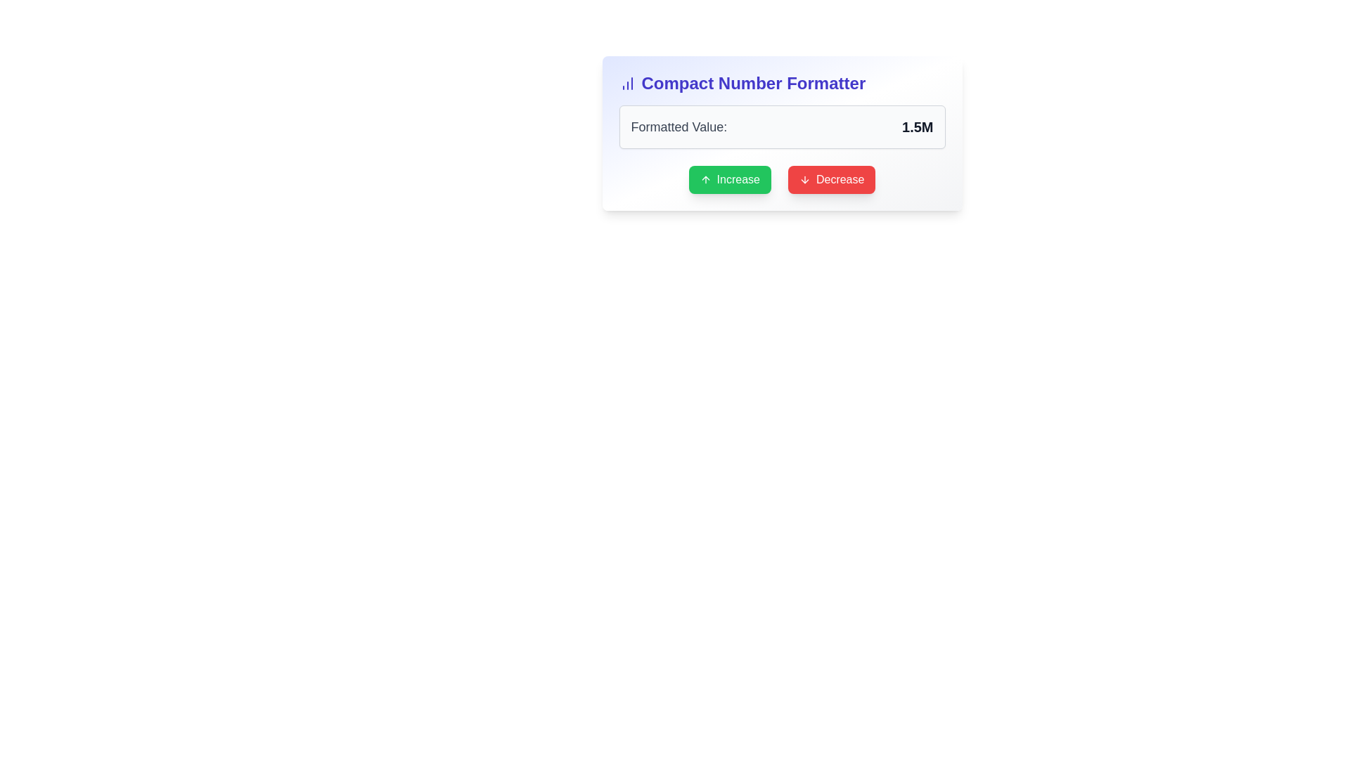 This screenshot has width=1350, height=759. Describe the element at coordinates (730, 179) in the screenshot. I see `the button that increases a value, located to the left of the red 'Decrease' button, which is centered below the 'Formatted Value' label` at that location.